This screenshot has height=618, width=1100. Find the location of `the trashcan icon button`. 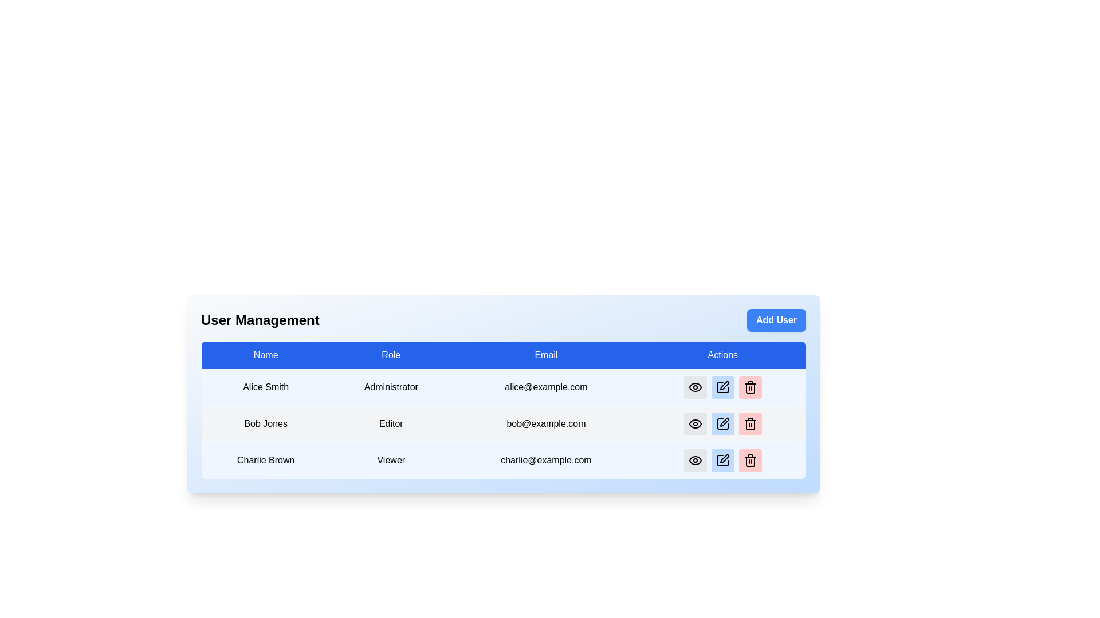

the trashcan icon button is located at coordinates (750, 423).